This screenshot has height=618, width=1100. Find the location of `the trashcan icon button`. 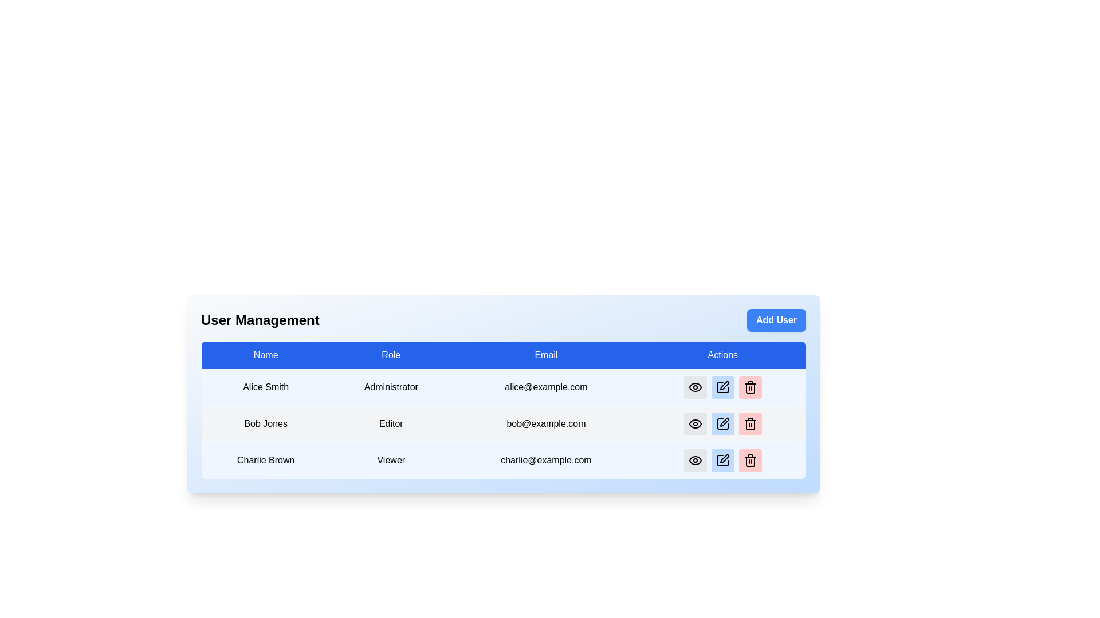

the trashcan icon button is located at coordinates (750, 423).